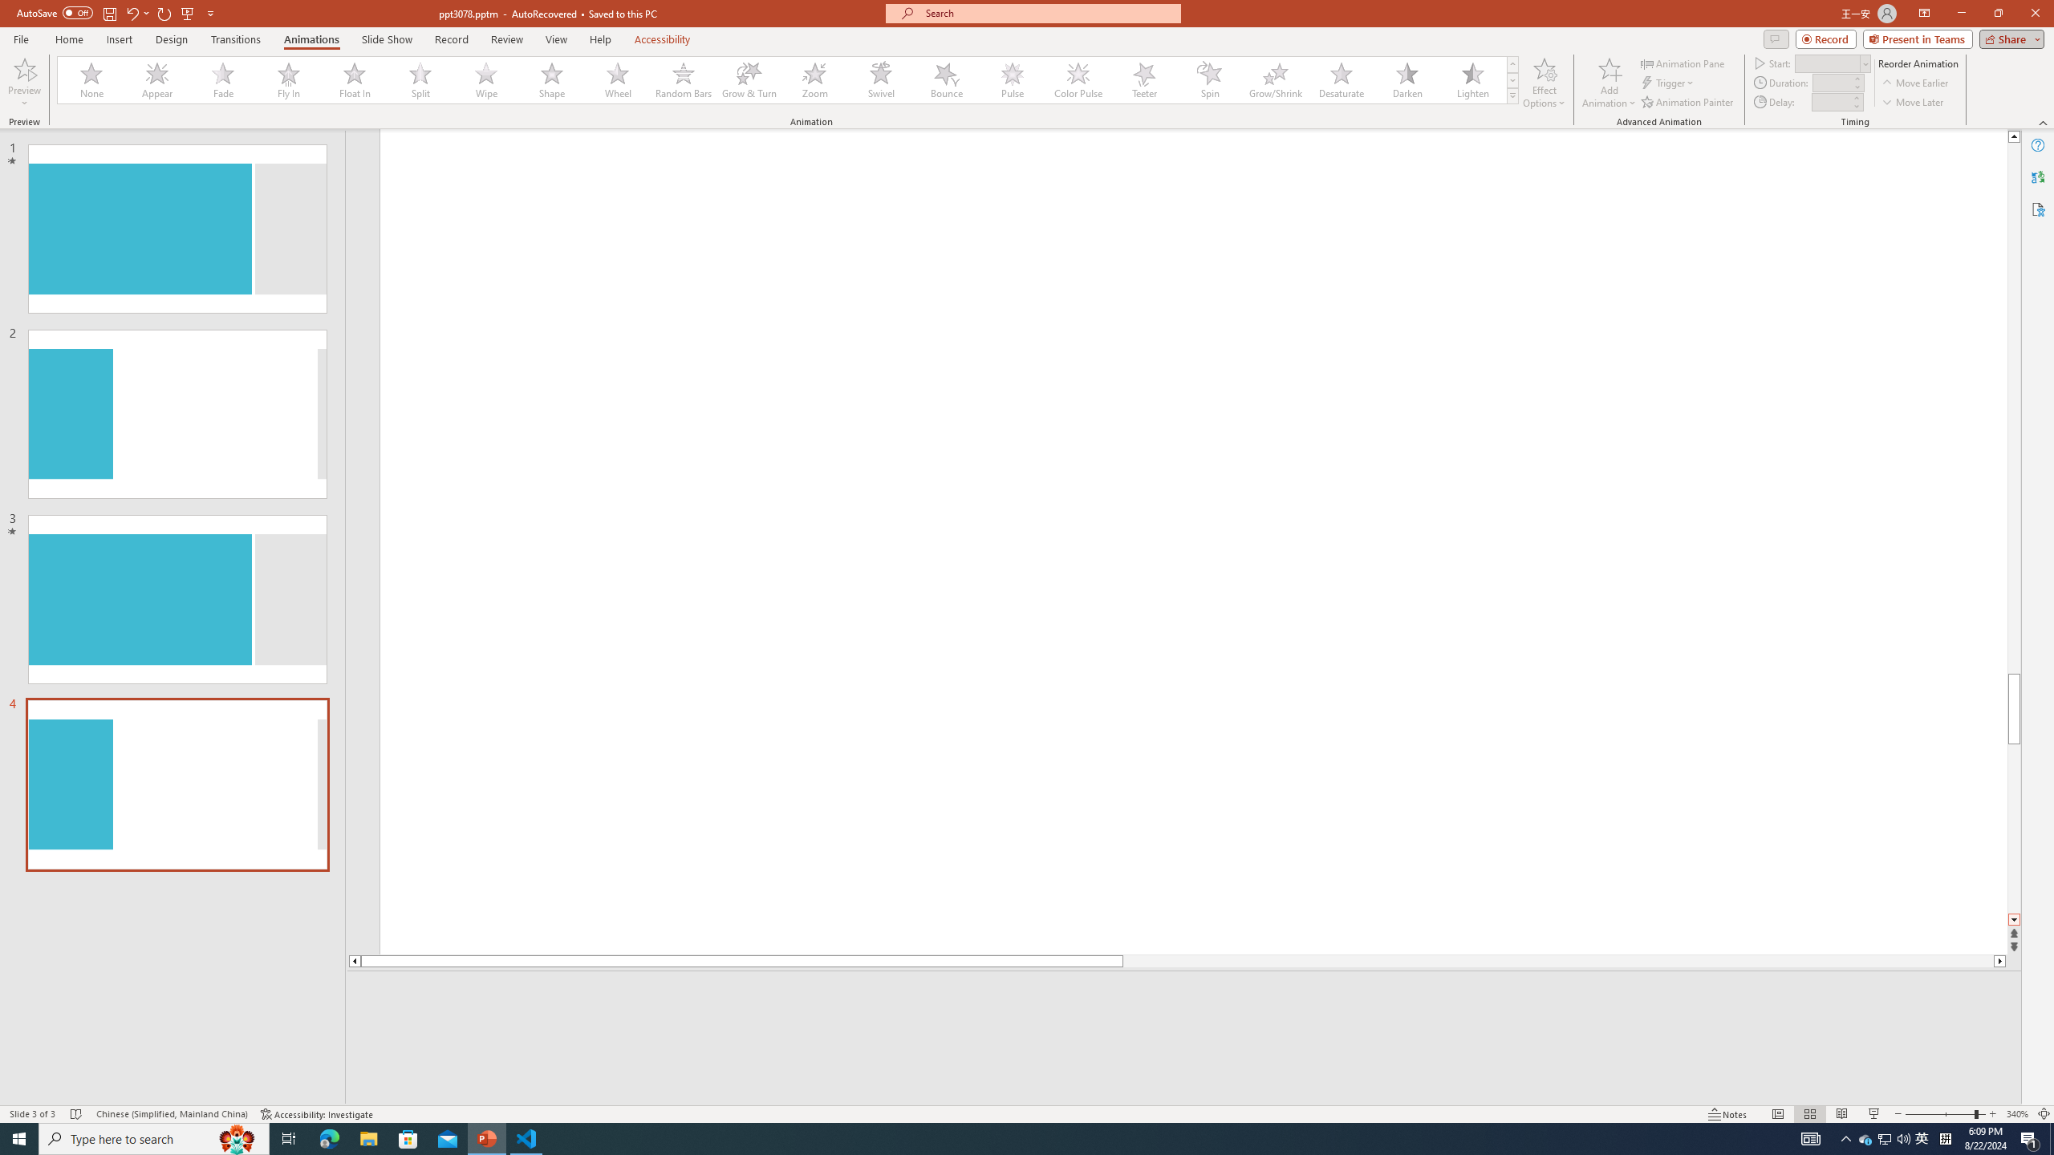 The width and height of the screenshot is (2054, 1155). I want to click on 'Fade', so click(223, 79).